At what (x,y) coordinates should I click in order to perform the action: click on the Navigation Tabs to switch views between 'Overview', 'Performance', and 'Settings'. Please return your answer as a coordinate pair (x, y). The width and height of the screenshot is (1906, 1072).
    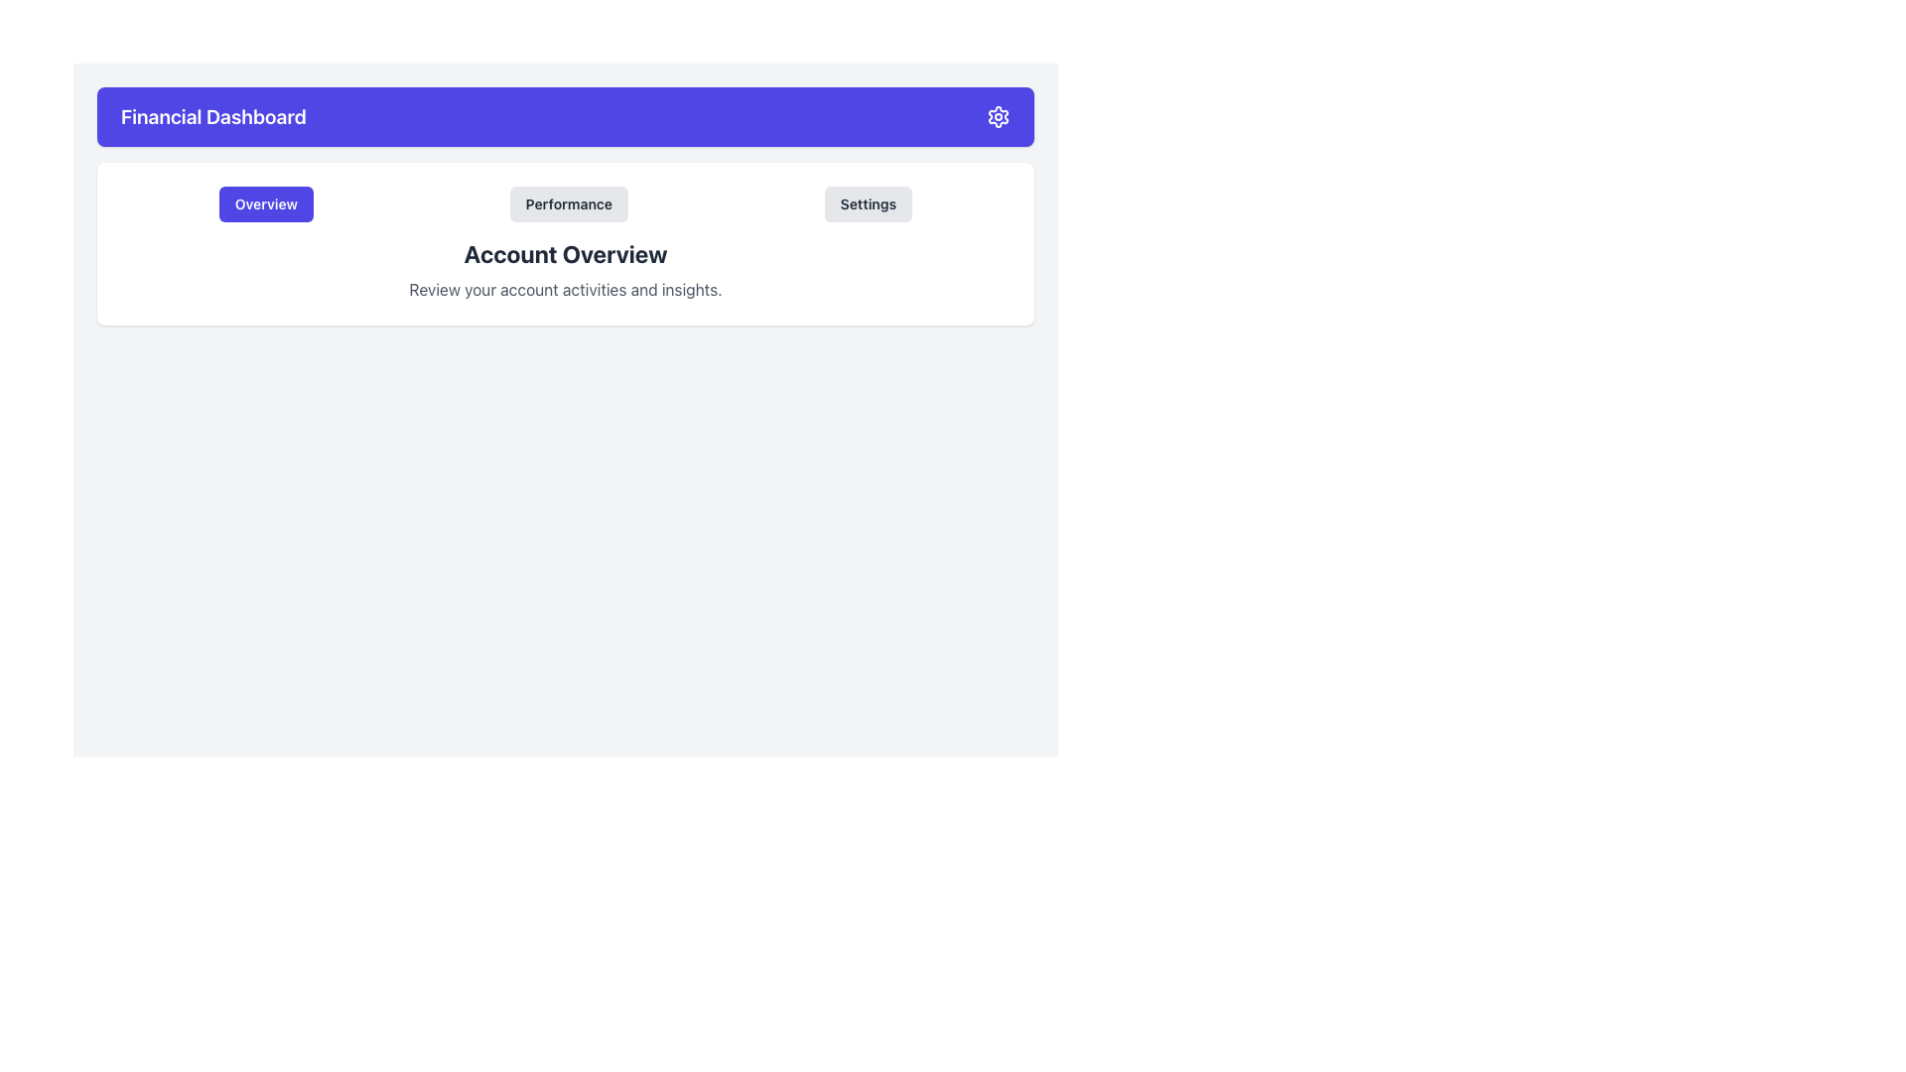
    Looking at the image, I should click on (565, 203).